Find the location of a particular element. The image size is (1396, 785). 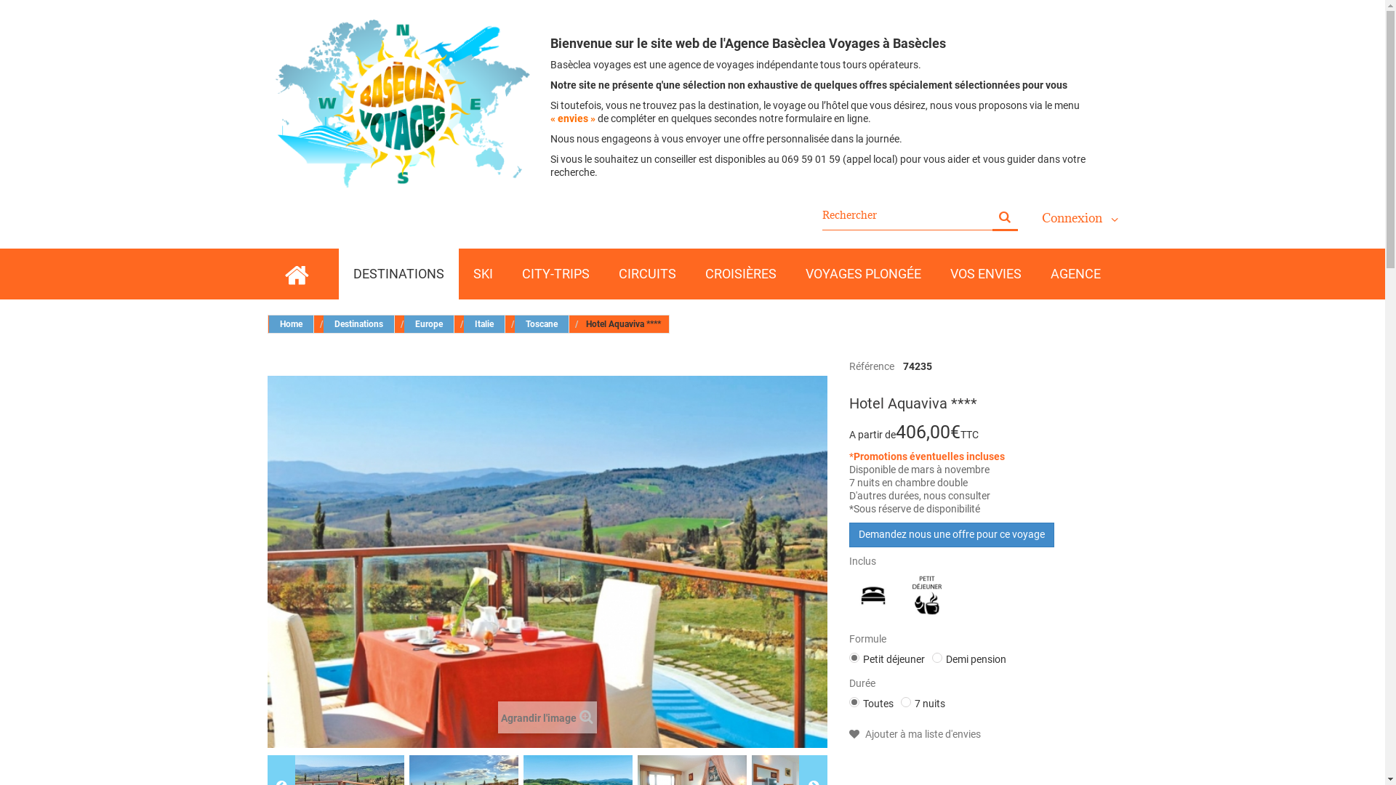

'Logement' is located at coordinates (851, 596).